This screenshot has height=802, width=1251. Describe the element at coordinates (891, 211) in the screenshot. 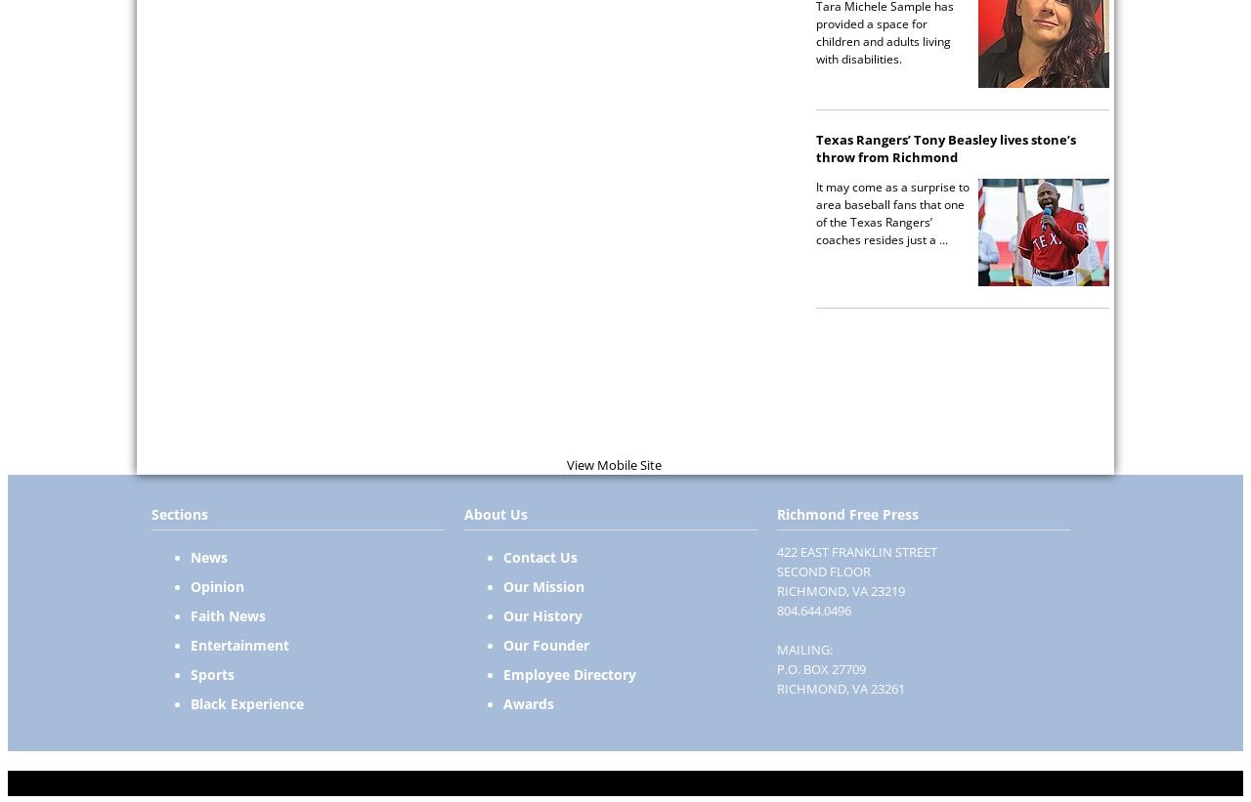

I see `'It may come as a surprise to area baseball fans that one of the Texas Rangers’ coaches resides just a ...'` at that location.